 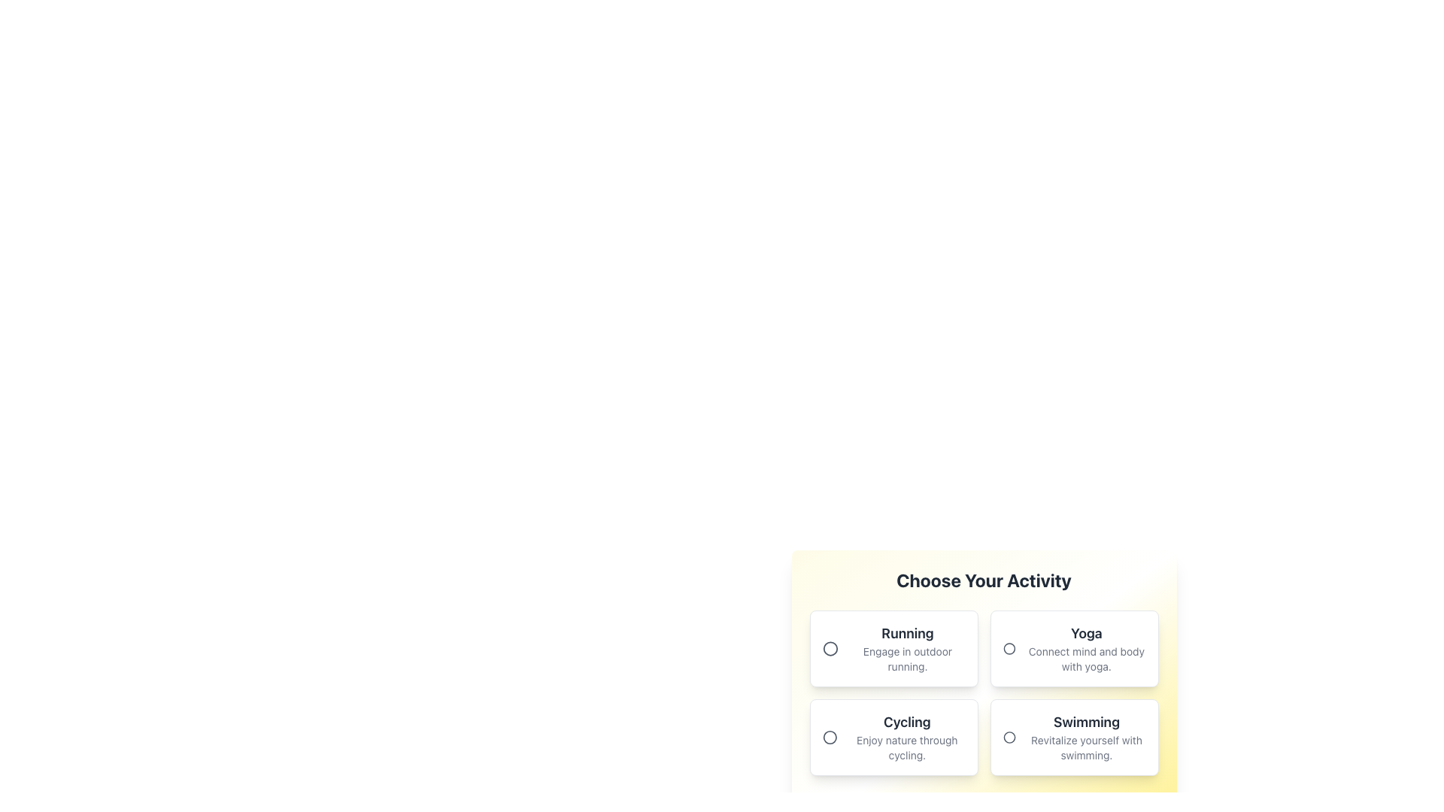 What do you see at coordinates (1086, 736) in the screenshot?
I see `the text label titled 'Swimming' located in the bottom-right card of the 'Choose Your Activity' section` at bounding box center [1086, 736].